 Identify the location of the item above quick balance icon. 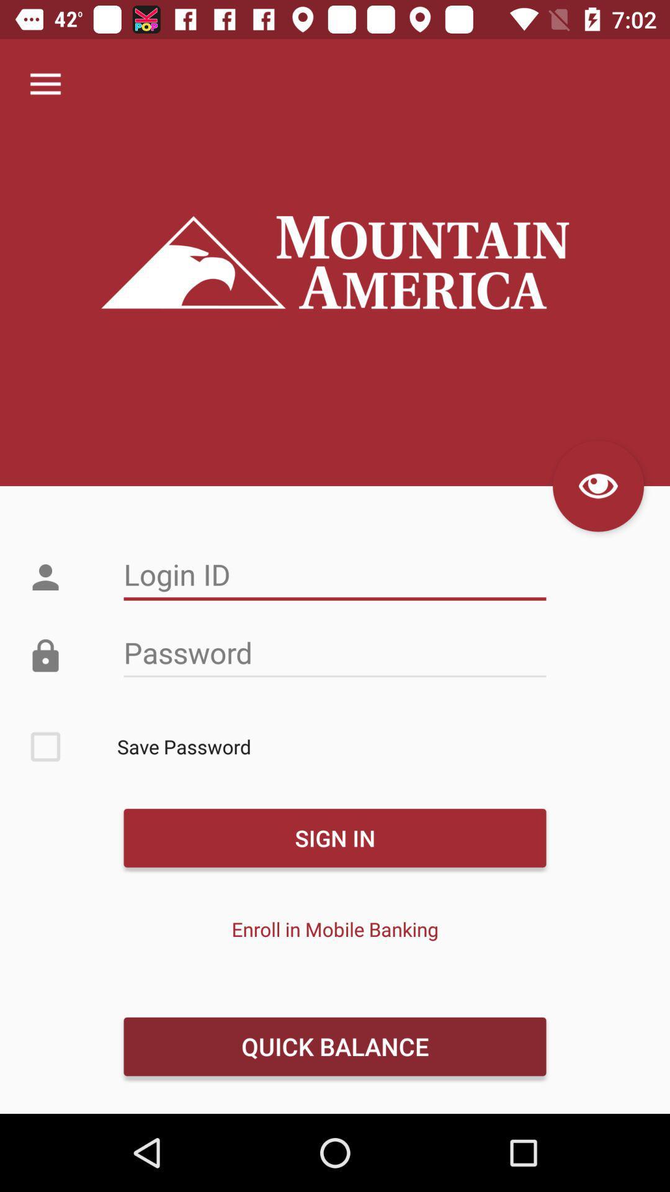
(335, 929).